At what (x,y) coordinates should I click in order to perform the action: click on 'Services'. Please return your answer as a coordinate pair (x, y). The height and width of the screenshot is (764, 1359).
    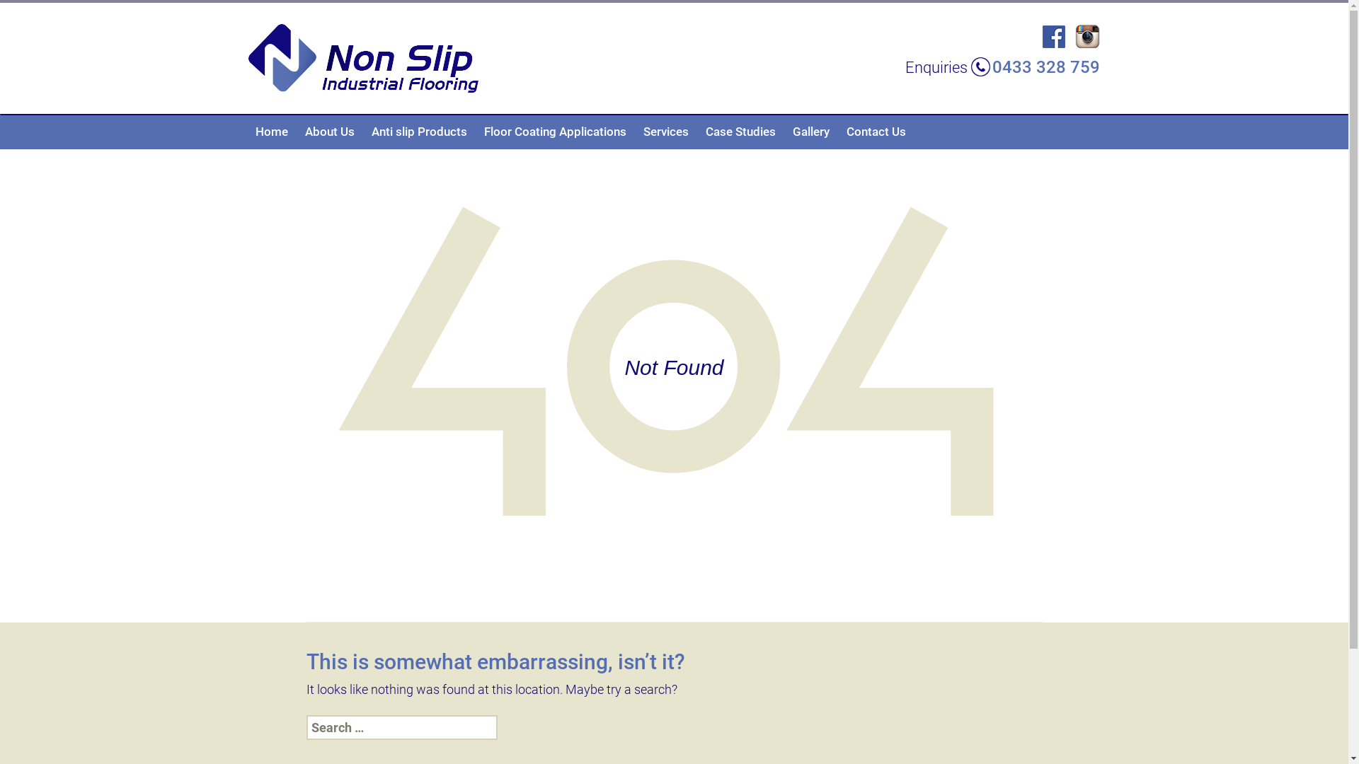
    Looking at the image, I should click on (635, 132).